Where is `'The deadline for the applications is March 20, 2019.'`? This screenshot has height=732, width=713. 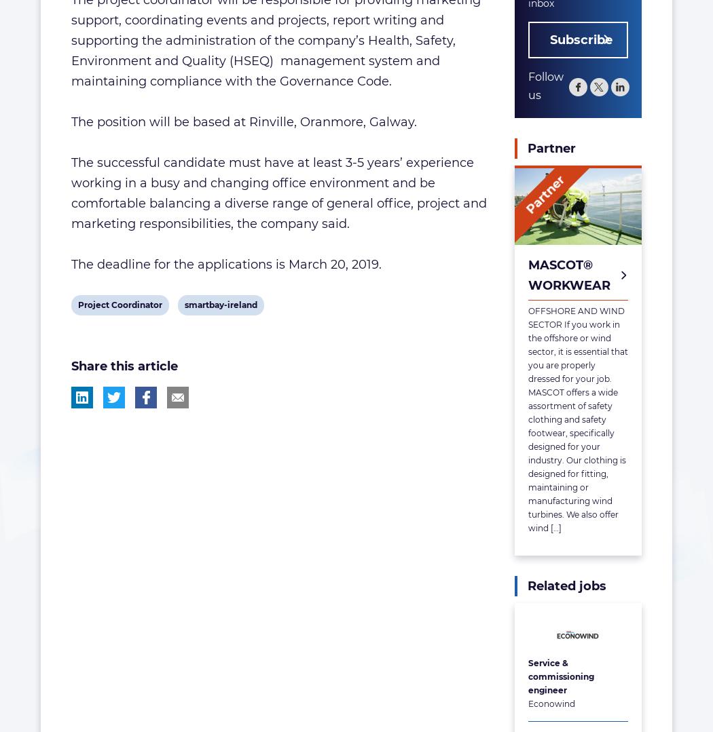 'The deadline for the applications is March 20, 2019.' is located at coordinates (71, 263).